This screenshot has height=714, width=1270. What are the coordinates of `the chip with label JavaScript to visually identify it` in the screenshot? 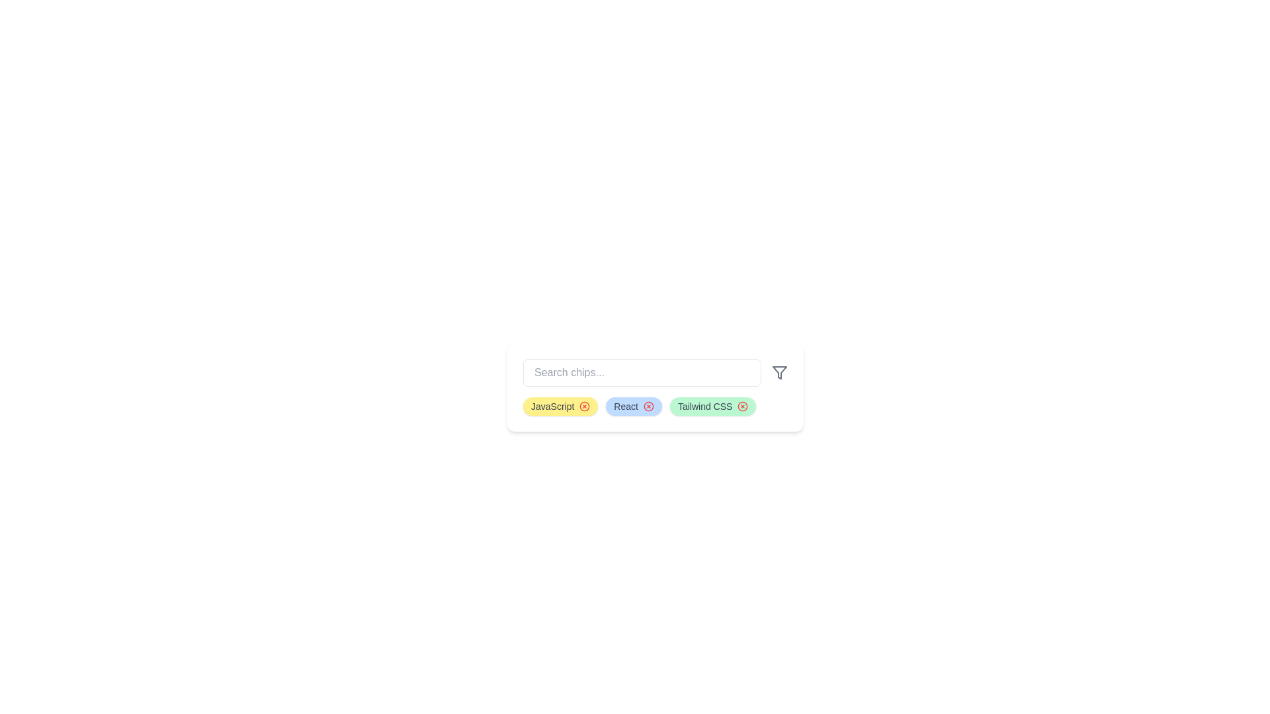 It's located at (560, 405).